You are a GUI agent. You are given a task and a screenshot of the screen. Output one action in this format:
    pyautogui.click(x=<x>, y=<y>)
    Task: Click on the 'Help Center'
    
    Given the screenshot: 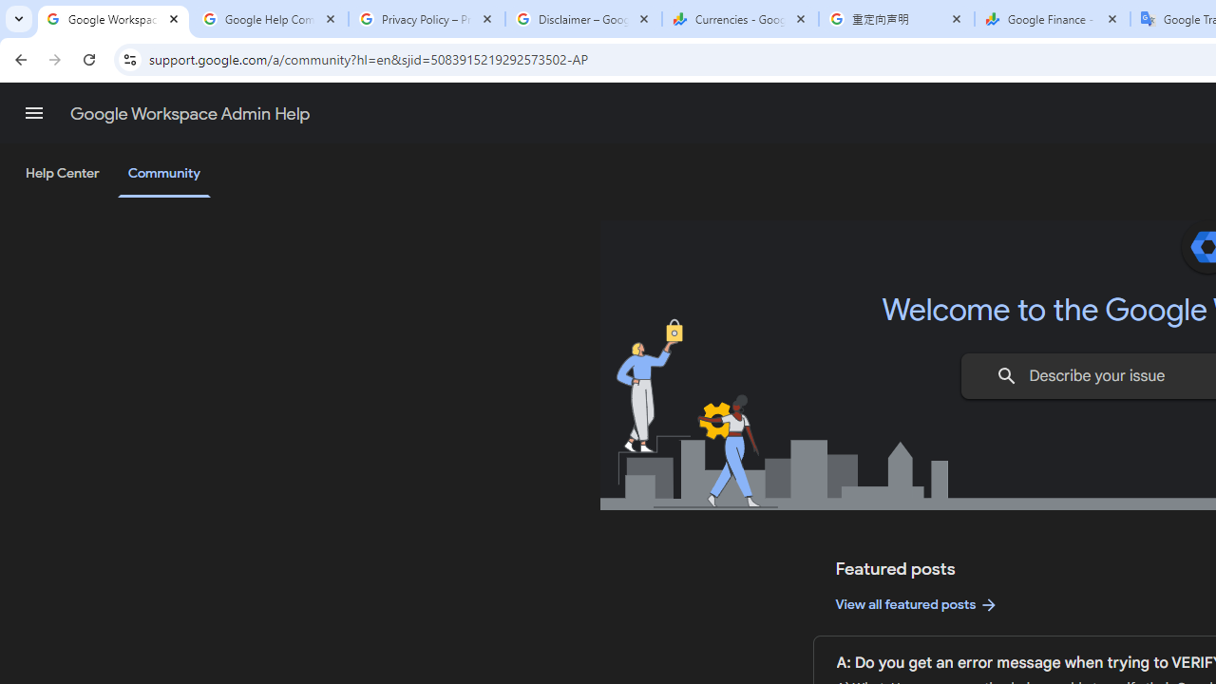 What is the action you would take?
    pyautogui.click(x=62, y=174)
    